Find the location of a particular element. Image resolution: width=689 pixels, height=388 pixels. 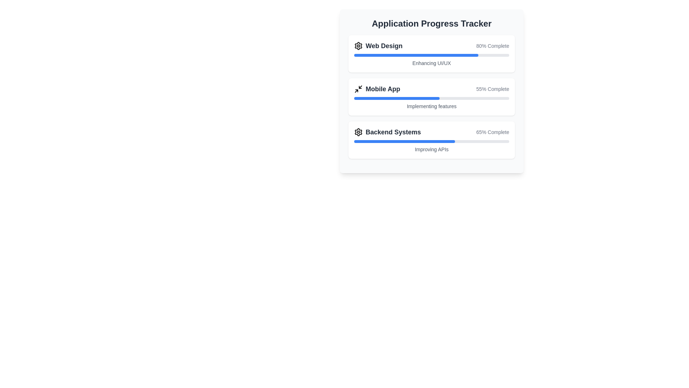

the Progress Indicator that visually represents 80% completion of the task labeled 'Web Design' in the progress tracker interface is located at coordinates (416, 55).